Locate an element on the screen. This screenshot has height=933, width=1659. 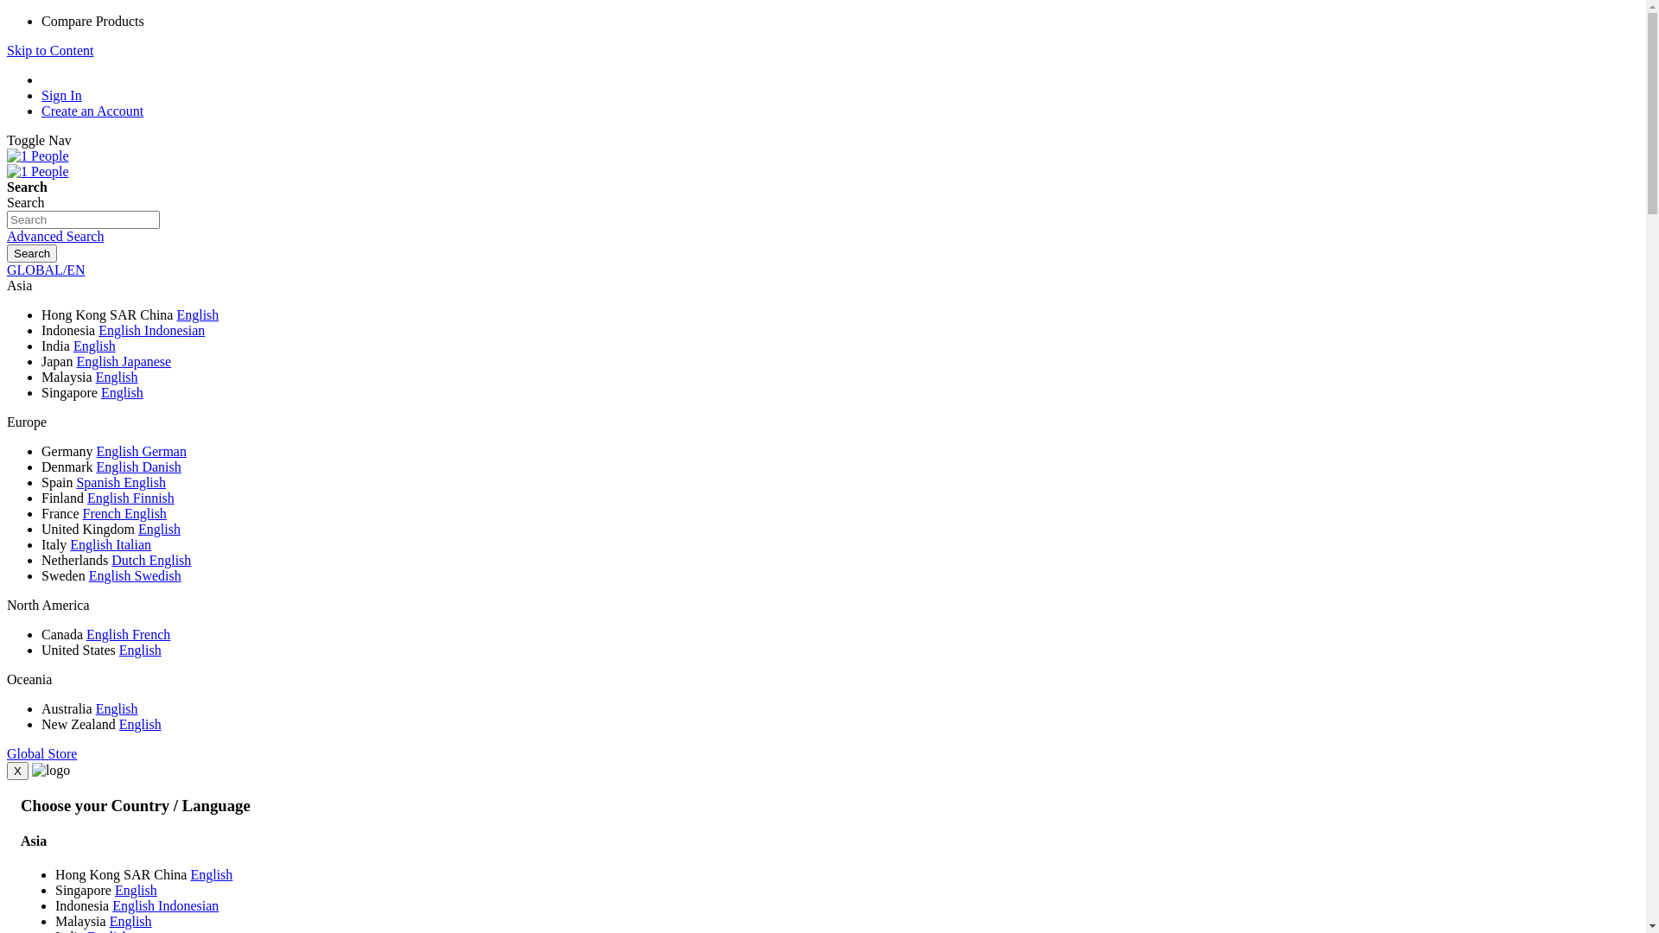
'English' is located at coordinates (118, 466).